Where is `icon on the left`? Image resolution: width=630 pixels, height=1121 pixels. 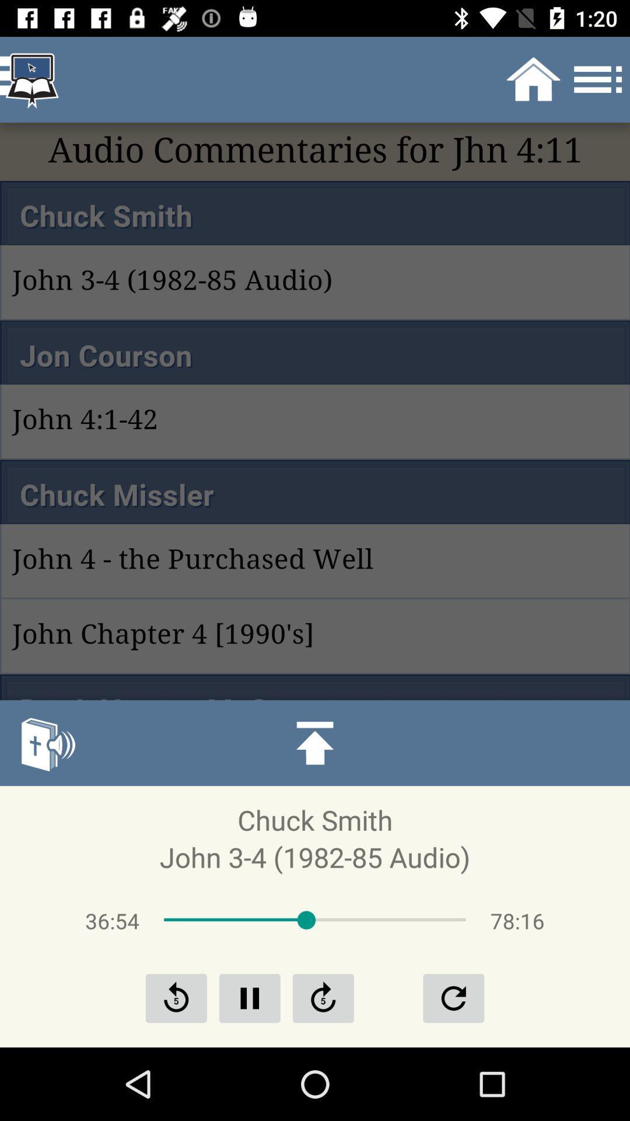 icon on the left is located at coordinates (47, 742).